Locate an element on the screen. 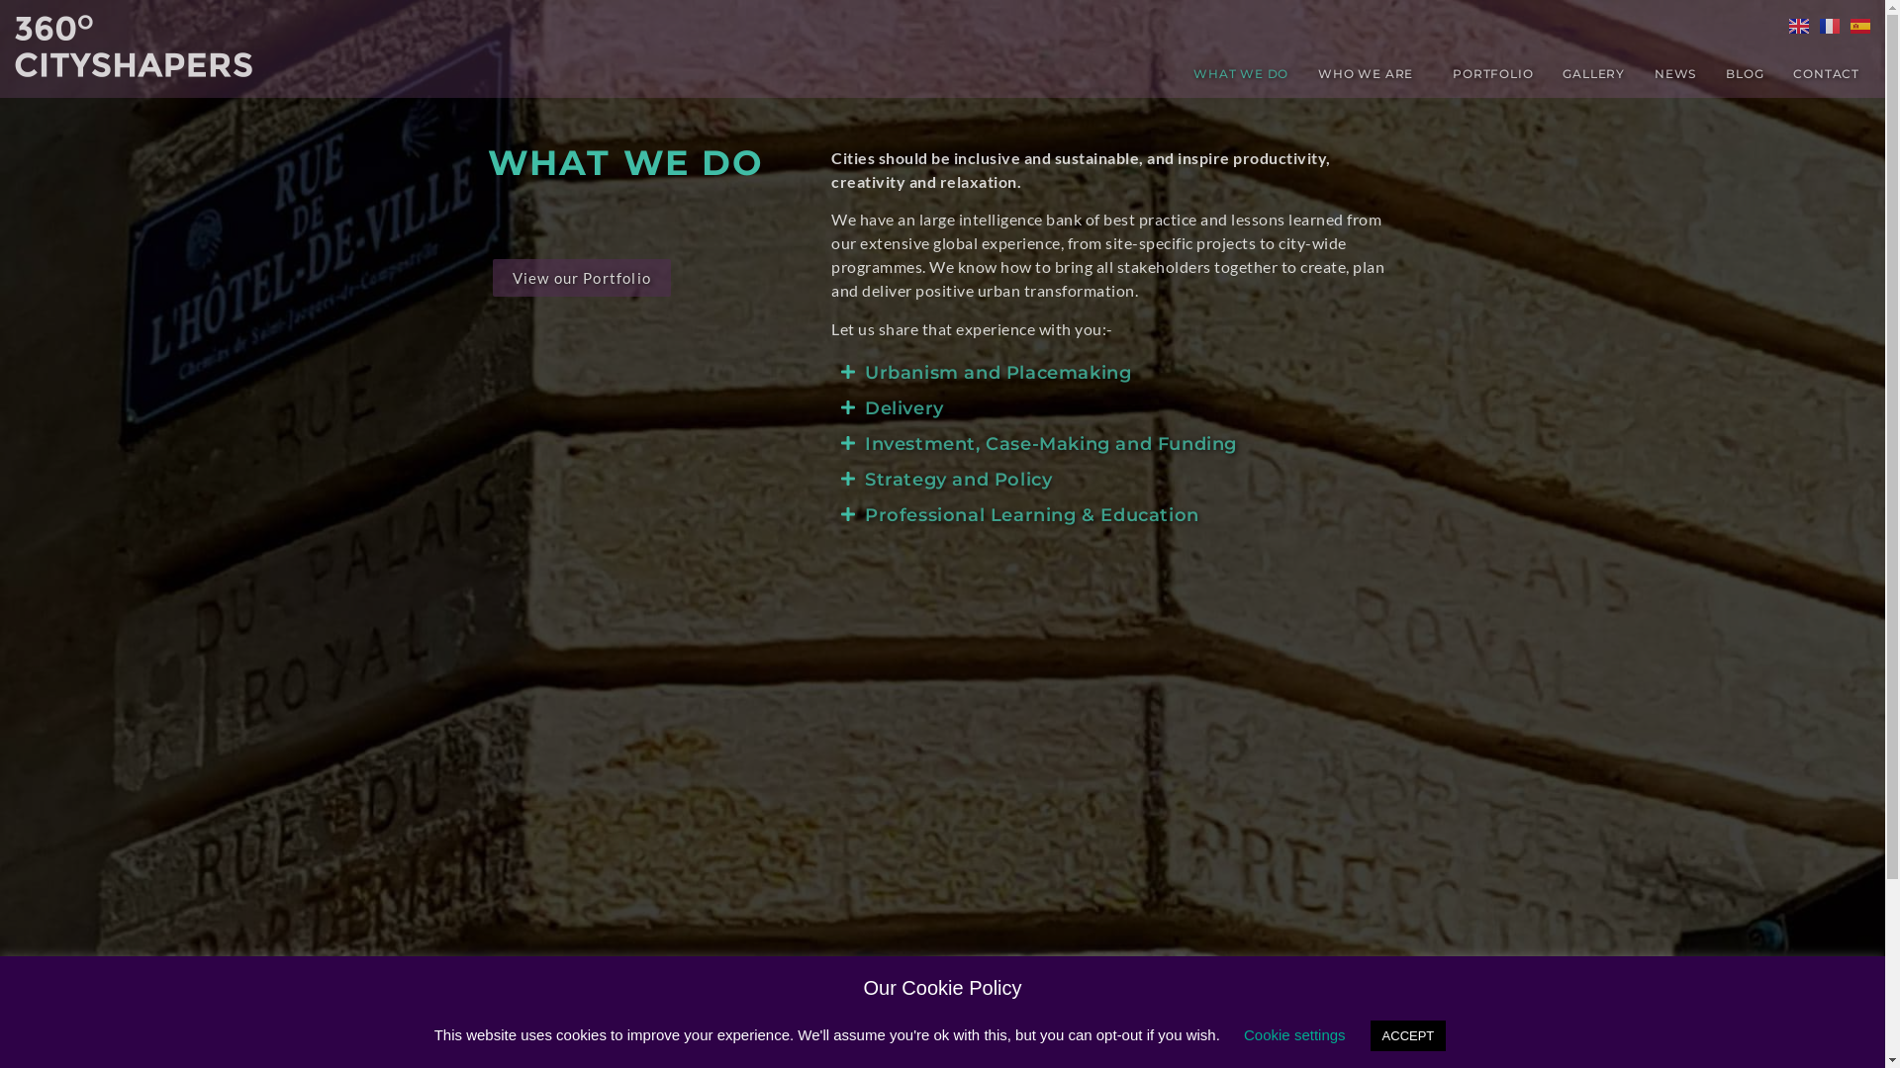  'Cookie settings' is located at coordinates (1294, 1033).